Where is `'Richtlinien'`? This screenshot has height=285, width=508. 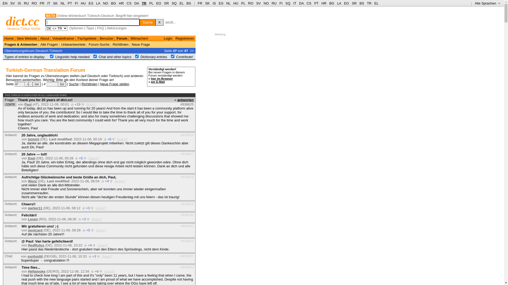
'Richtlinien' is located at coordinates (120, 44).